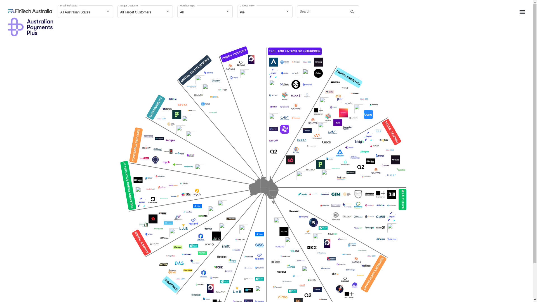  I want to click on 'Global Investment Marketing Pty Ltd', so click(336, 194).